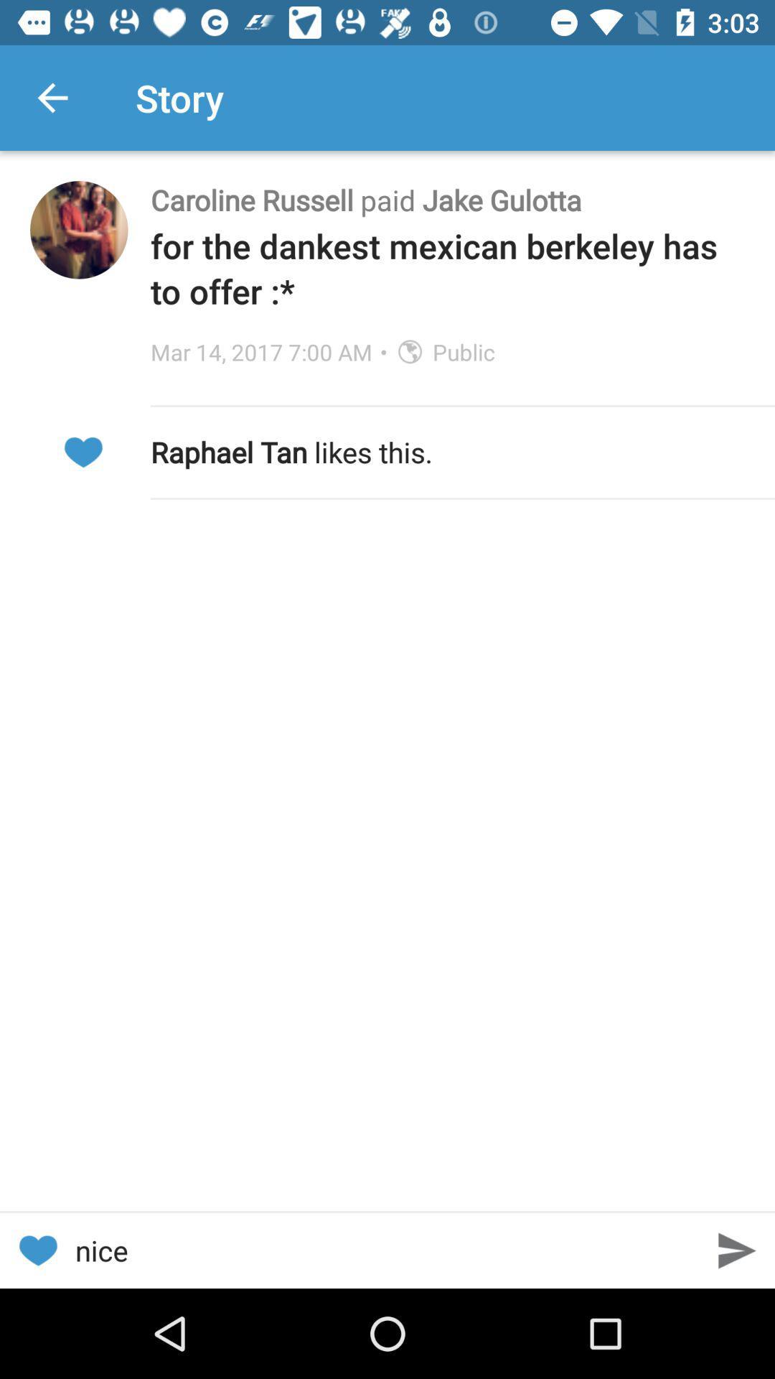  Describe the element at coordinates (447, 199) in the screenshot. I see `the item below story app` at that location.